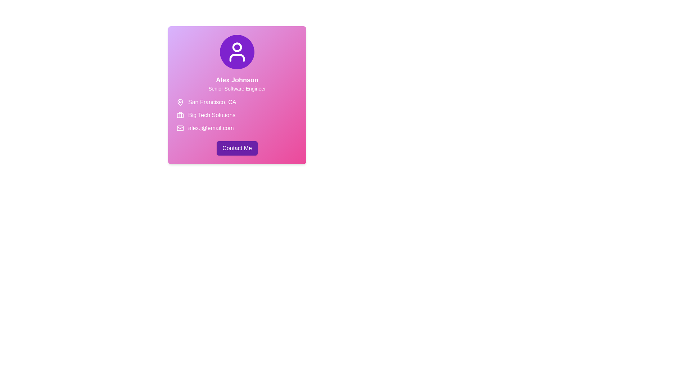 This screenshot has width=691, height=388. Describe the element at coordinates (211, 128) in the screenshot. I see `email address displayed in the text label showing 'alex.j@email.com' with white text on a pink gradient background` at that location.